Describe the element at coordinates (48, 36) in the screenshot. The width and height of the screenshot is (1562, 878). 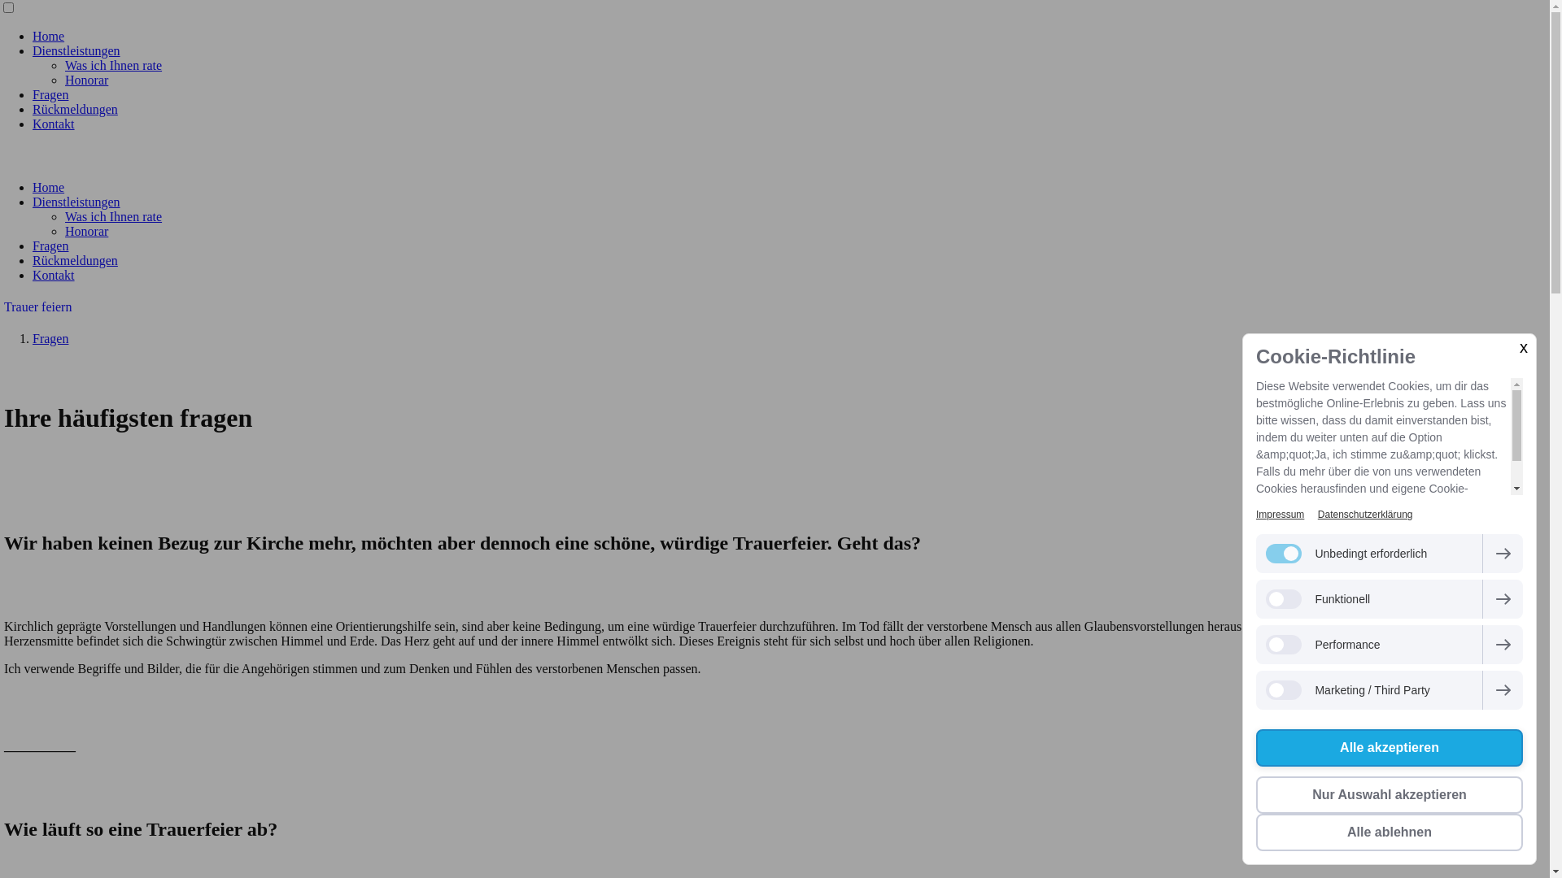
I see `'Home'` at that location.